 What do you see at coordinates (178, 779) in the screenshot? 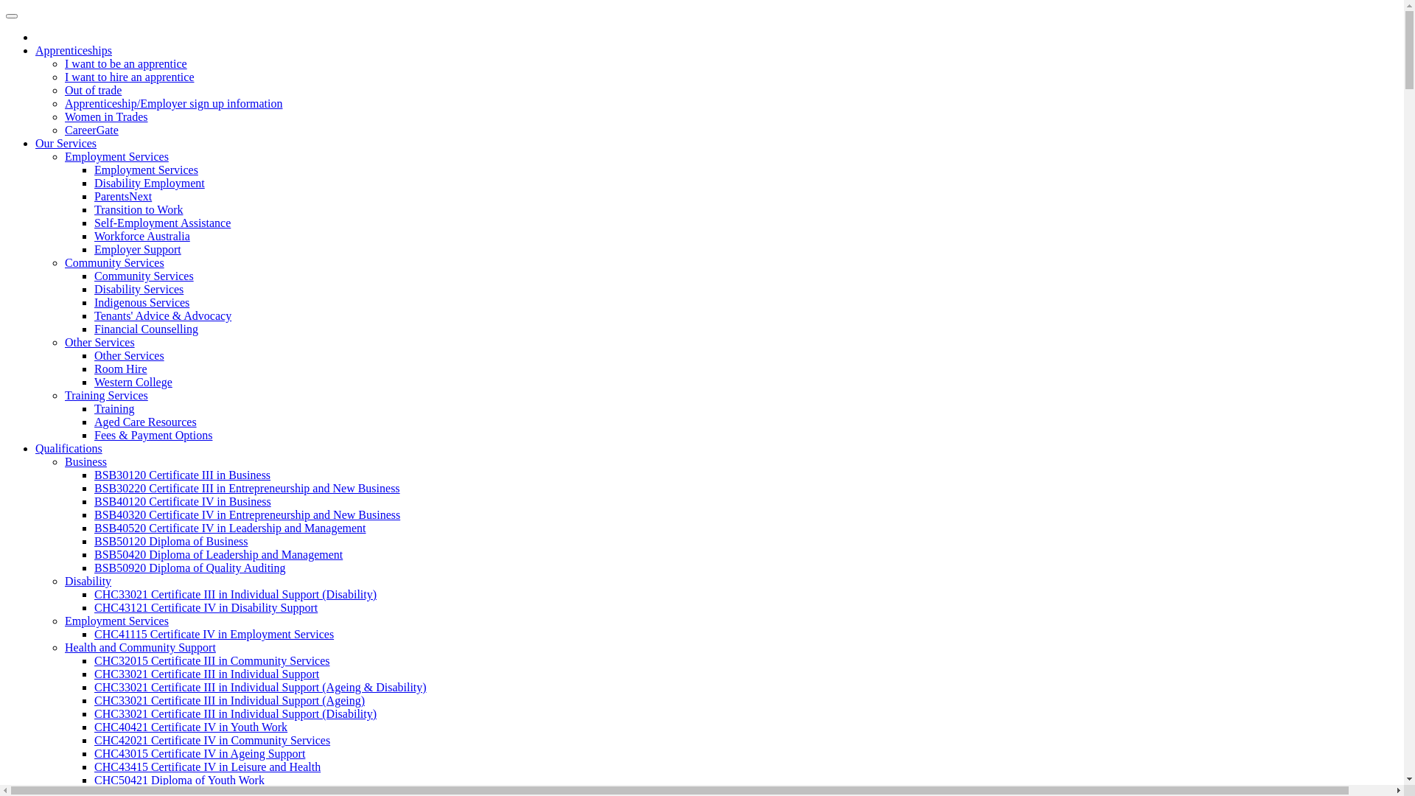
I see `'CHC50421 Diploma of Youth Work'` at bounding box center [178, 779].